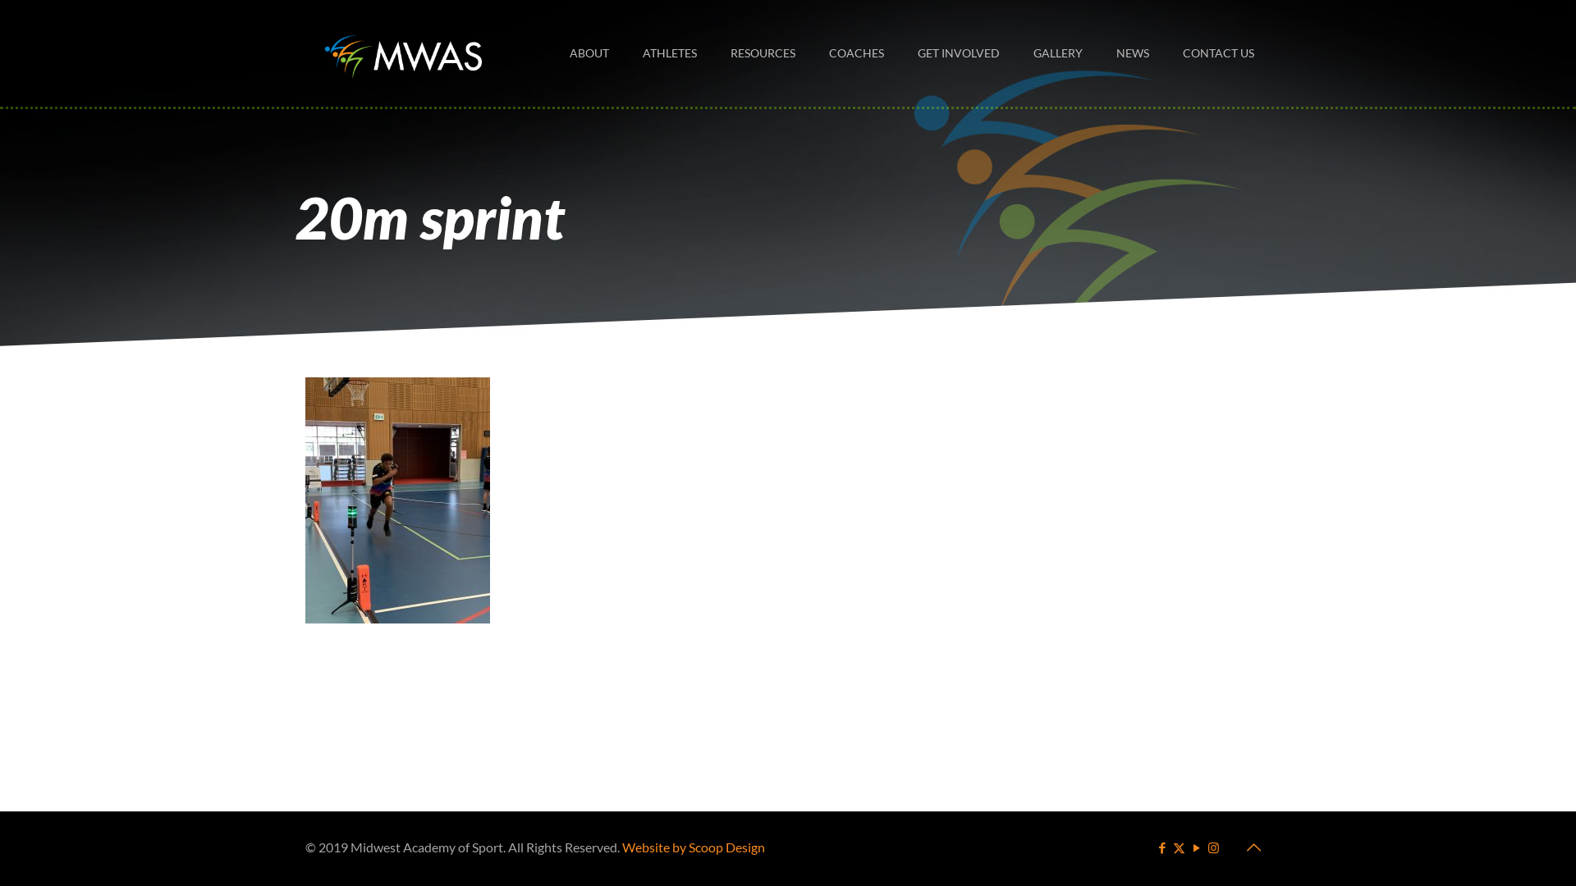 The image size is (1576, 886). Describe the element at coordinates (1154, 847) in the screenshot. I see `'Facebook'` at that location.